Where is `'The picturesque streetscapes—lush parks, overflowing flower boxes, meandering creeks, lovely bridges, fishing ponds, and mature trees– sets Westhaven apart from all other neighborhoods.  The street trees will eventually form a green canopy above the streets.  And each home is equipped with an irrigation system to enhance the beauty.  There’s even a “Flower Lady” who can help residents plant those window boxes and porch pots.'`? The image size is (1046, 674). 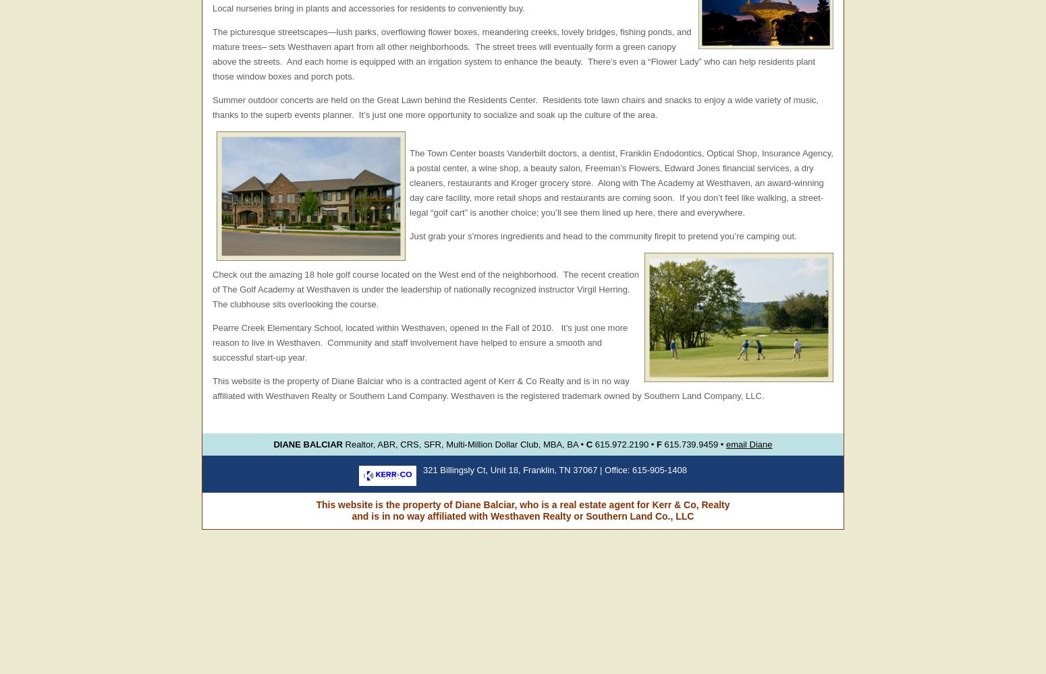 'The picturesque streetscapes—lush parks, overflowing flower boxes, meandering creeks, lovely bridges, fishing ponds, and mature trees– sets Westhaven apart from all other neighborhoods.  The street trees will eventually form a green canopy above the streets.  And each home is equipped with an irrigation system to enhance the beauty.  There’s even a “Flower Lady” who can help residents plant those window boxes and porch pots.' is located at coordinates (514, 53).